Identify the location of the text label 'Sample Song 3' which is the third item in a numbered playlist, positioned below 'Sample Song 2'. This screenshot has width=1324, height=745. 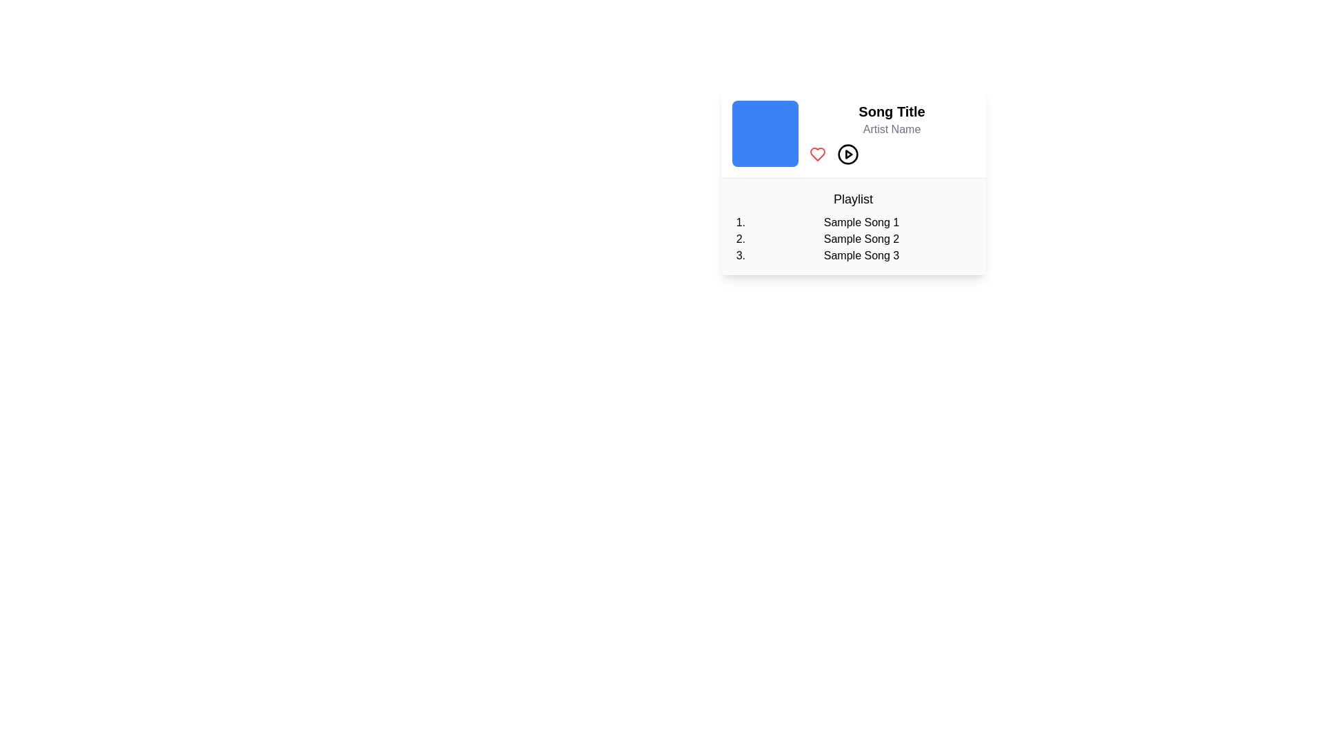
(861, 255).